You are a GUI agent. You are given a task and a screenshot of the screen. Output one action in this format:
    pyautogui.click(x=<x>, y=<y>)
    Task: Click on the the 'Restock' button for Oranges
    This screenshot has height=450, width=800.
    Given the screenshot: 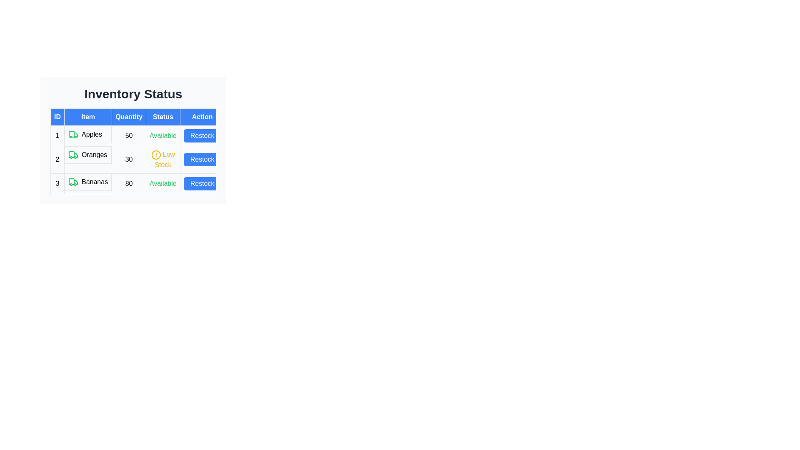 What is the action you would take?
    pyautogui.click(x=202, y=160)
    